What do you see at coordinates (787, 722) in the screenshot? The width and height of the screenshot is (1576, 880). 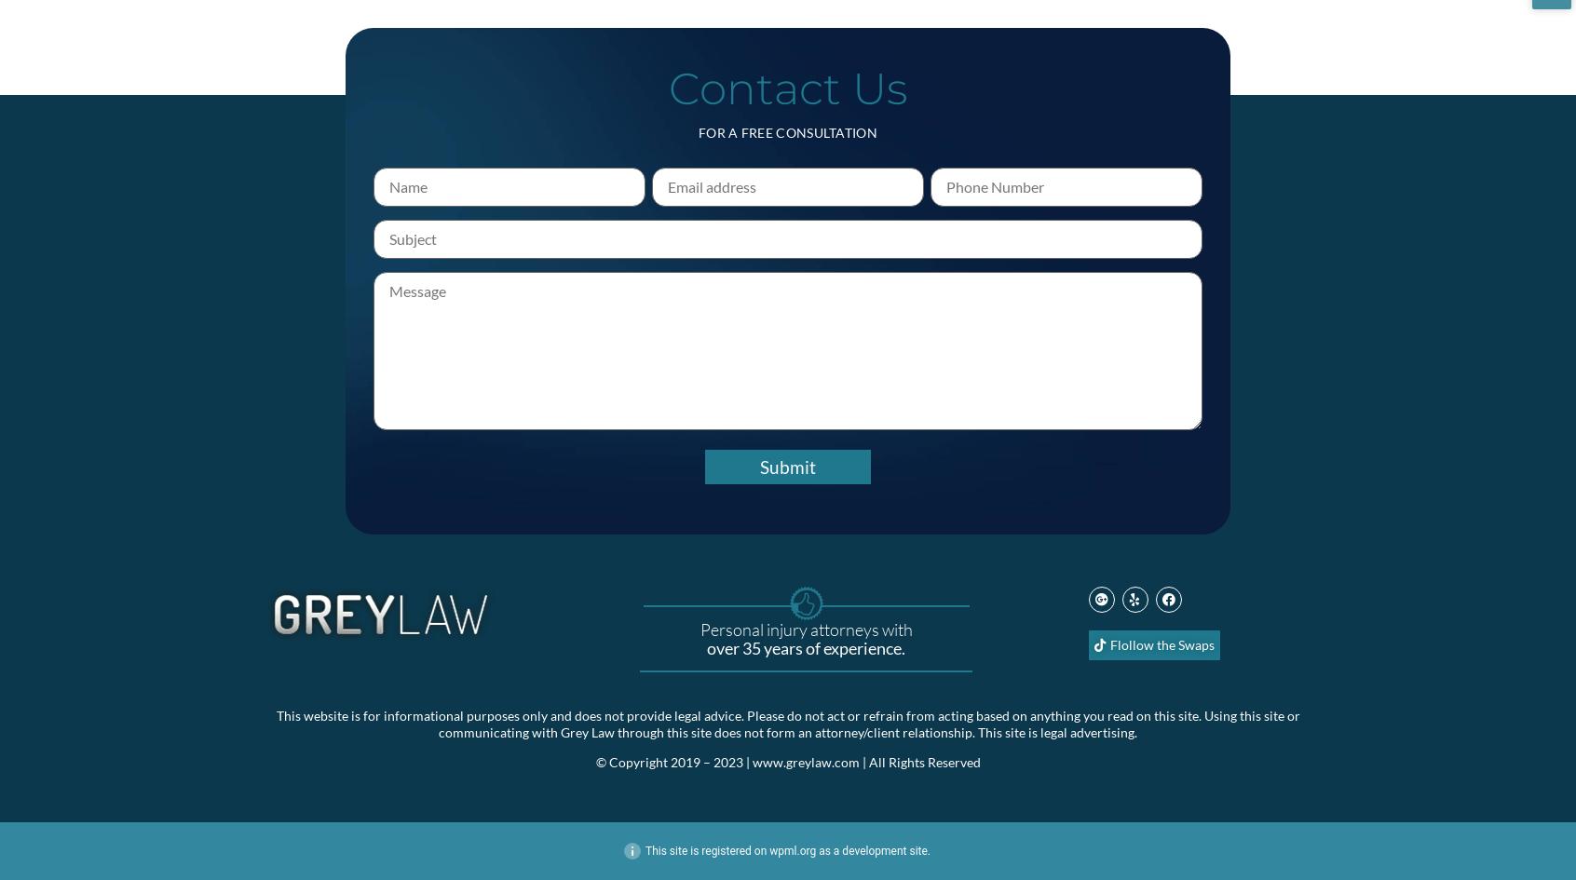 I see `'This website is for informational purposes only and does not provide legal advice. Please do not act or refrain from acting based on anything you read on this site. Using this site or communicating with Grey Law through this site does not form an attorney/client relationship. This site is legal advertising.'` at bounding box center [787, 722].